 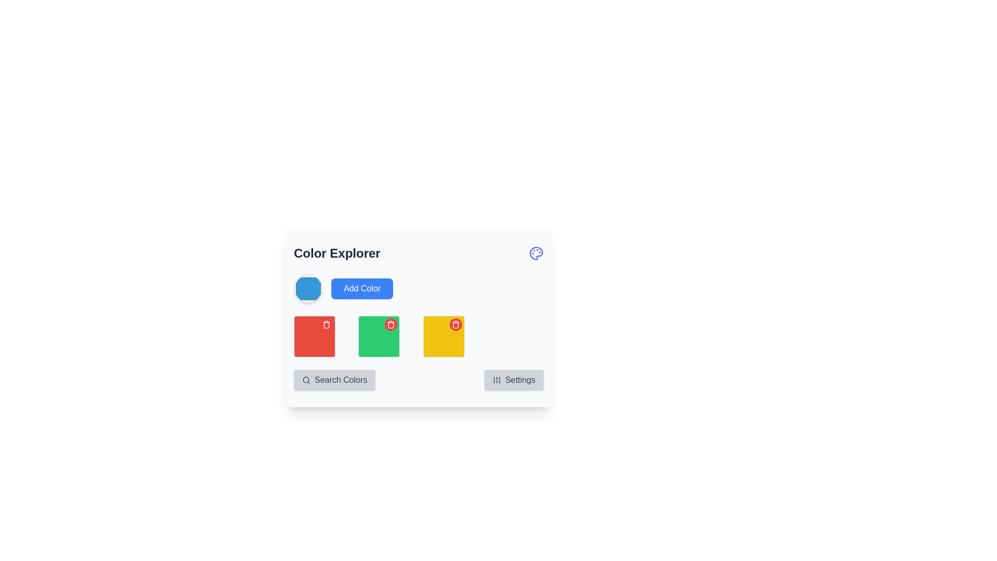 I want to click on the red circular button with a white trash can icon located in the top-right corner of the yellow square in the third column of the 'Color Explorer' interface, so click(x=455, y=324).